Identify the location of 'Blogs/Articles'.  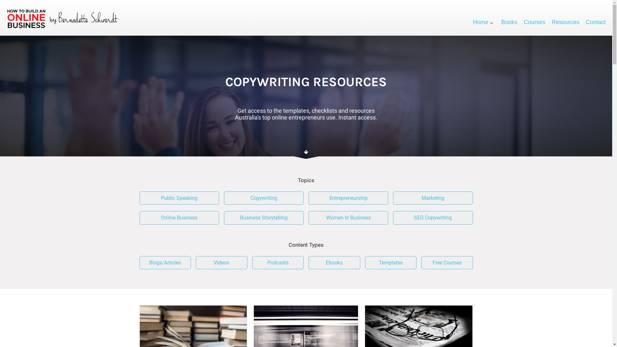
(165, 262).